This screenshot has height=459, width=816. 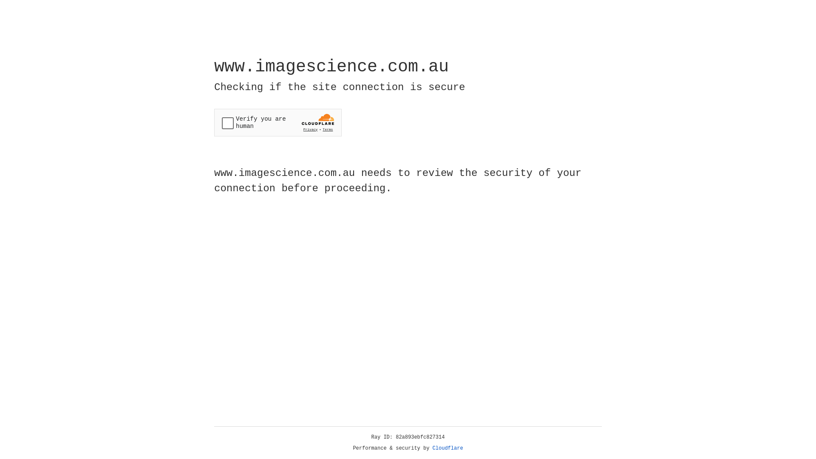 What do you see at coordinates (448, 448) in the screenshot?
I see `'Cloudflare'` at bounding box center [448, 448].